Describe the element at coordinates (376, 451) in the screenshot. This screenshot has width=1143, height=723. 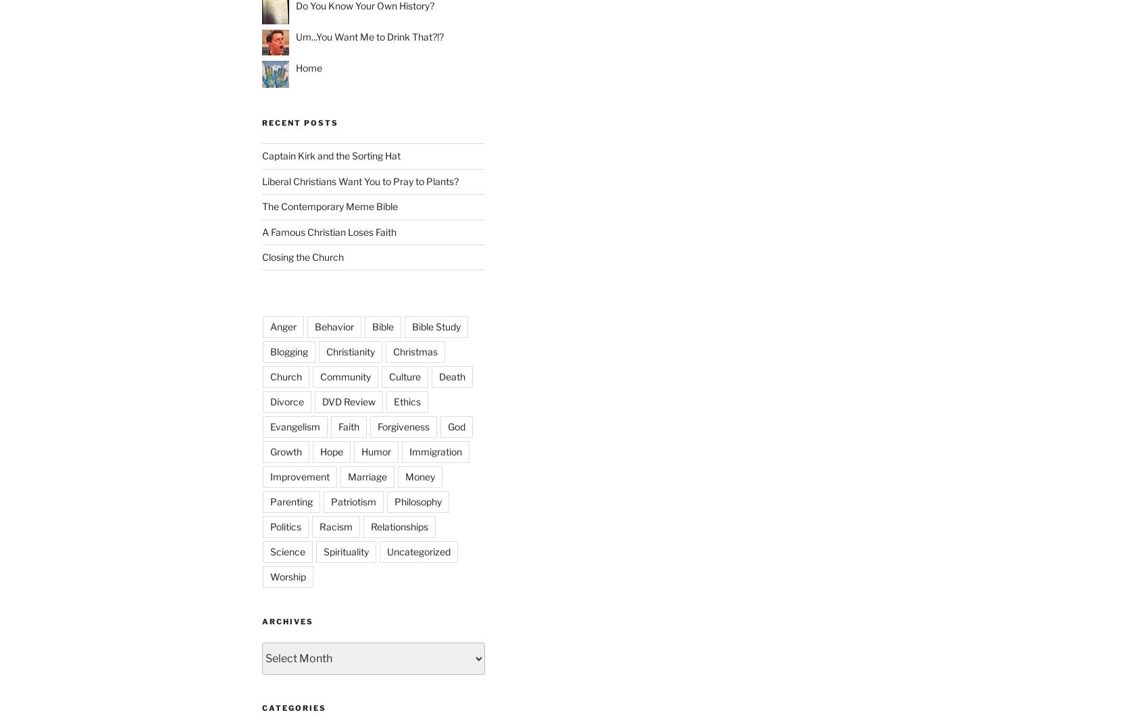
I see `'Humor'` at that location.